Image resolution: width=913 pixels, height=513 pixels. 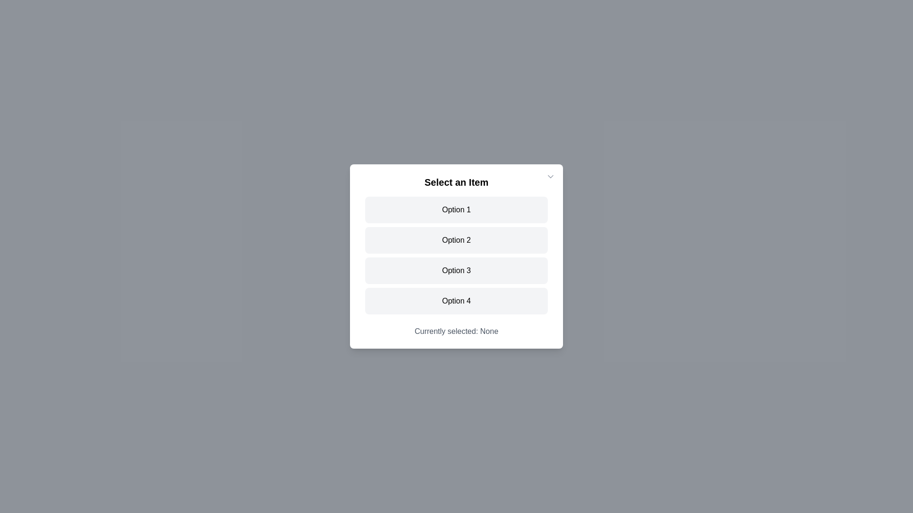 What do you see at coordinates (456, 271) in the screenshot?
I see `the item Option 3 from the list` at bounding box center [456, 271].